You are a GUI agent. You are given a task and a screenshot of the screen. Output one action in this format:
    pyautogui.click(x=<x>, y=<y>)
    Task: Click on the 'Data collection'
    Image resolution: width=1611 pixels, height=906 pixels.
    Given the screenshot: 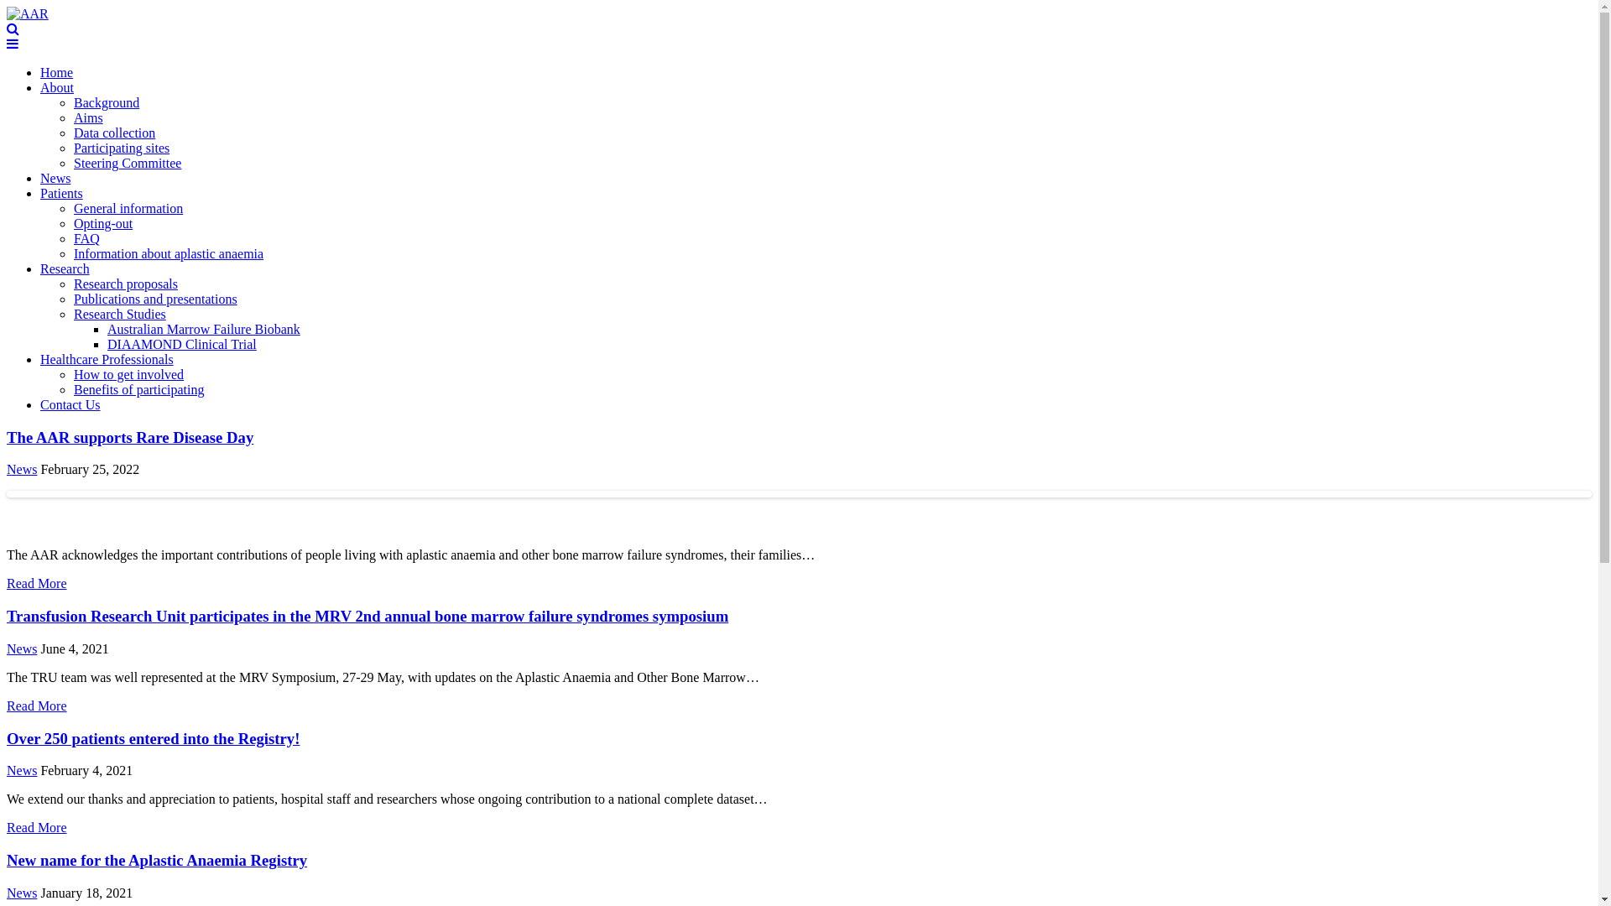 What is the action you would take?
    pyautogui.click(x=72, y=132)
    